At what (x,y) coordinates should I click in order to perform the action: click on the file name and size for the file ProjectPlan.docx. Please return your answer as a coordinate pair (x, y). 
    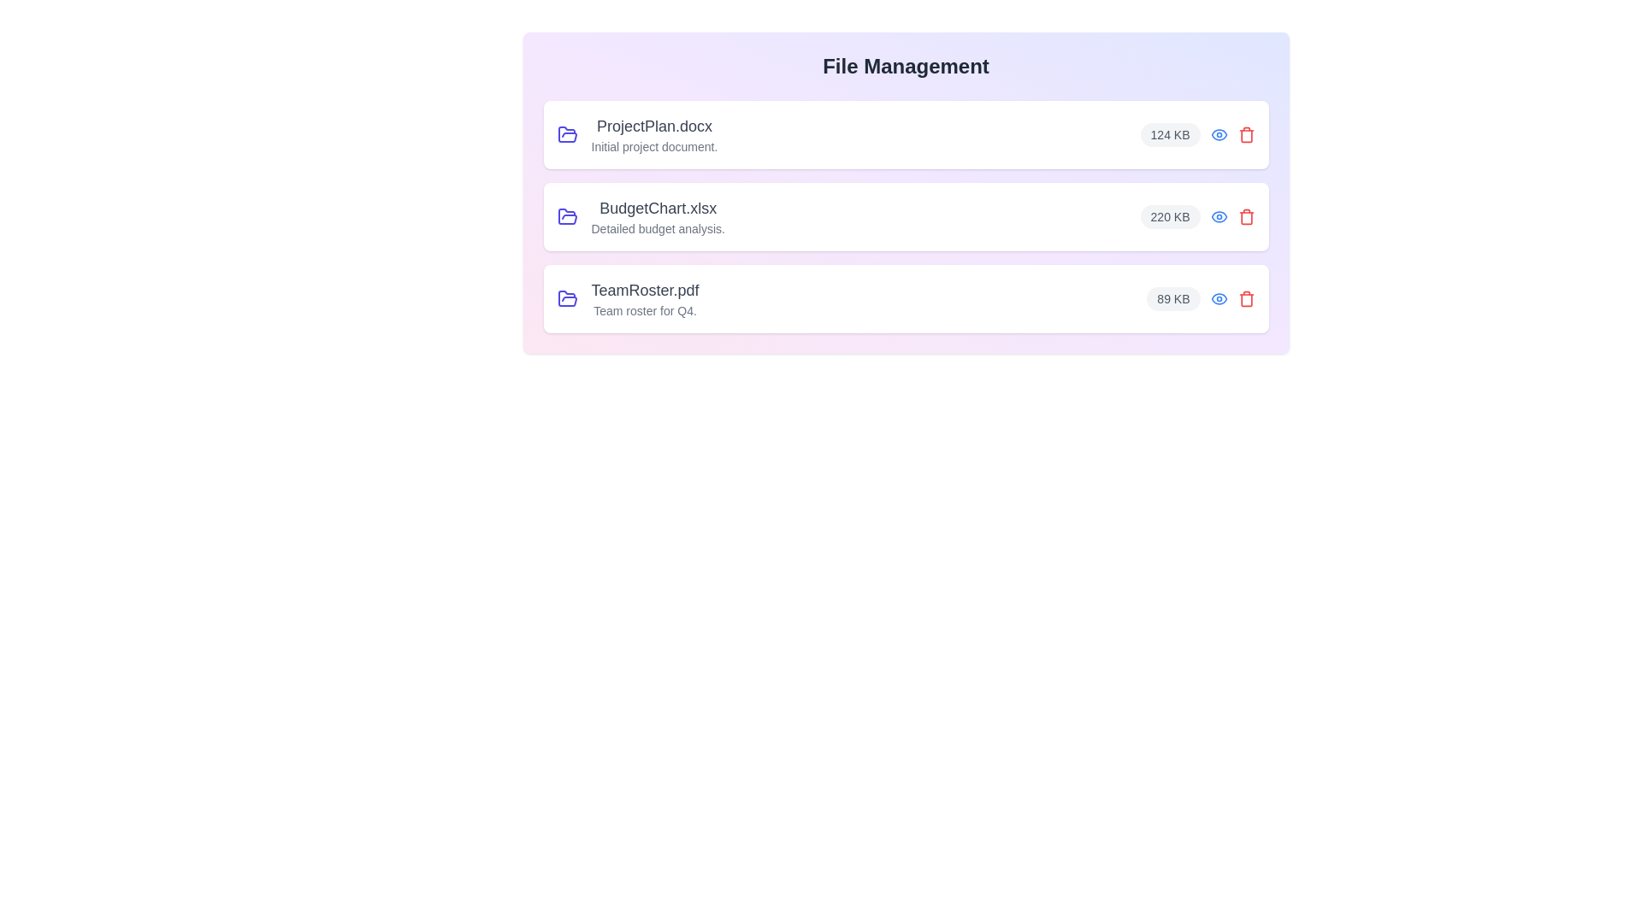
    Looking at the image, I should click on (635, 134).